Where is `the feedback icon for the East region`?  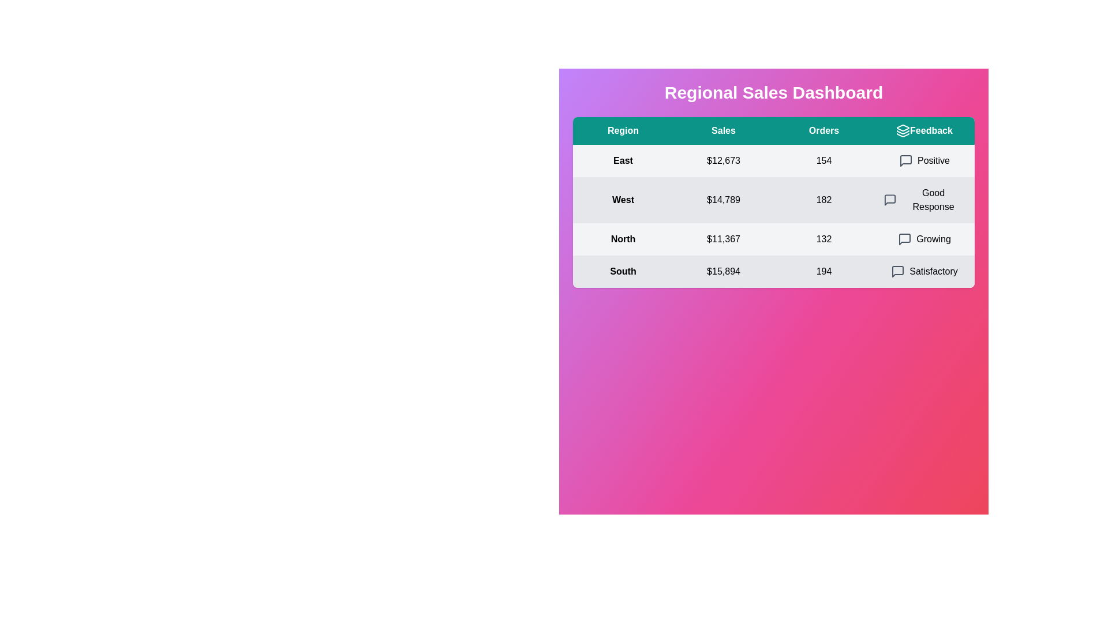 the feedback icon for the East region is located at coordinates (905, 160).